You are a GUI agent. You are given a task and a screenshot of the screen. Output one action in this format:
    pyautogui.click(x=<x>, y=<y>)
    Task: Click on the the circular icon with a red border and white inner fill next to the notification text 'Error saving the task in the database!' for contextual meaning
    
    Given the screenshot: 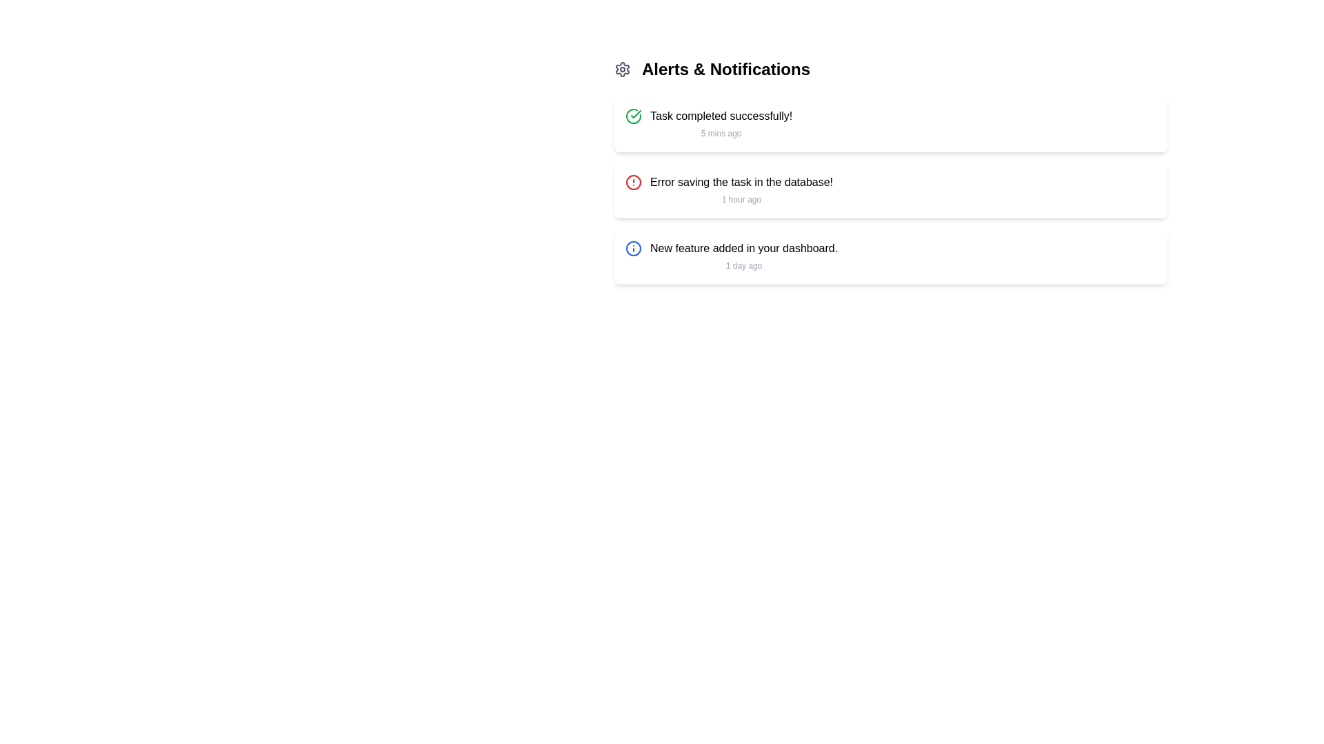 What is the action you would take?
    pyautogui.click(x=632, y=182)
    